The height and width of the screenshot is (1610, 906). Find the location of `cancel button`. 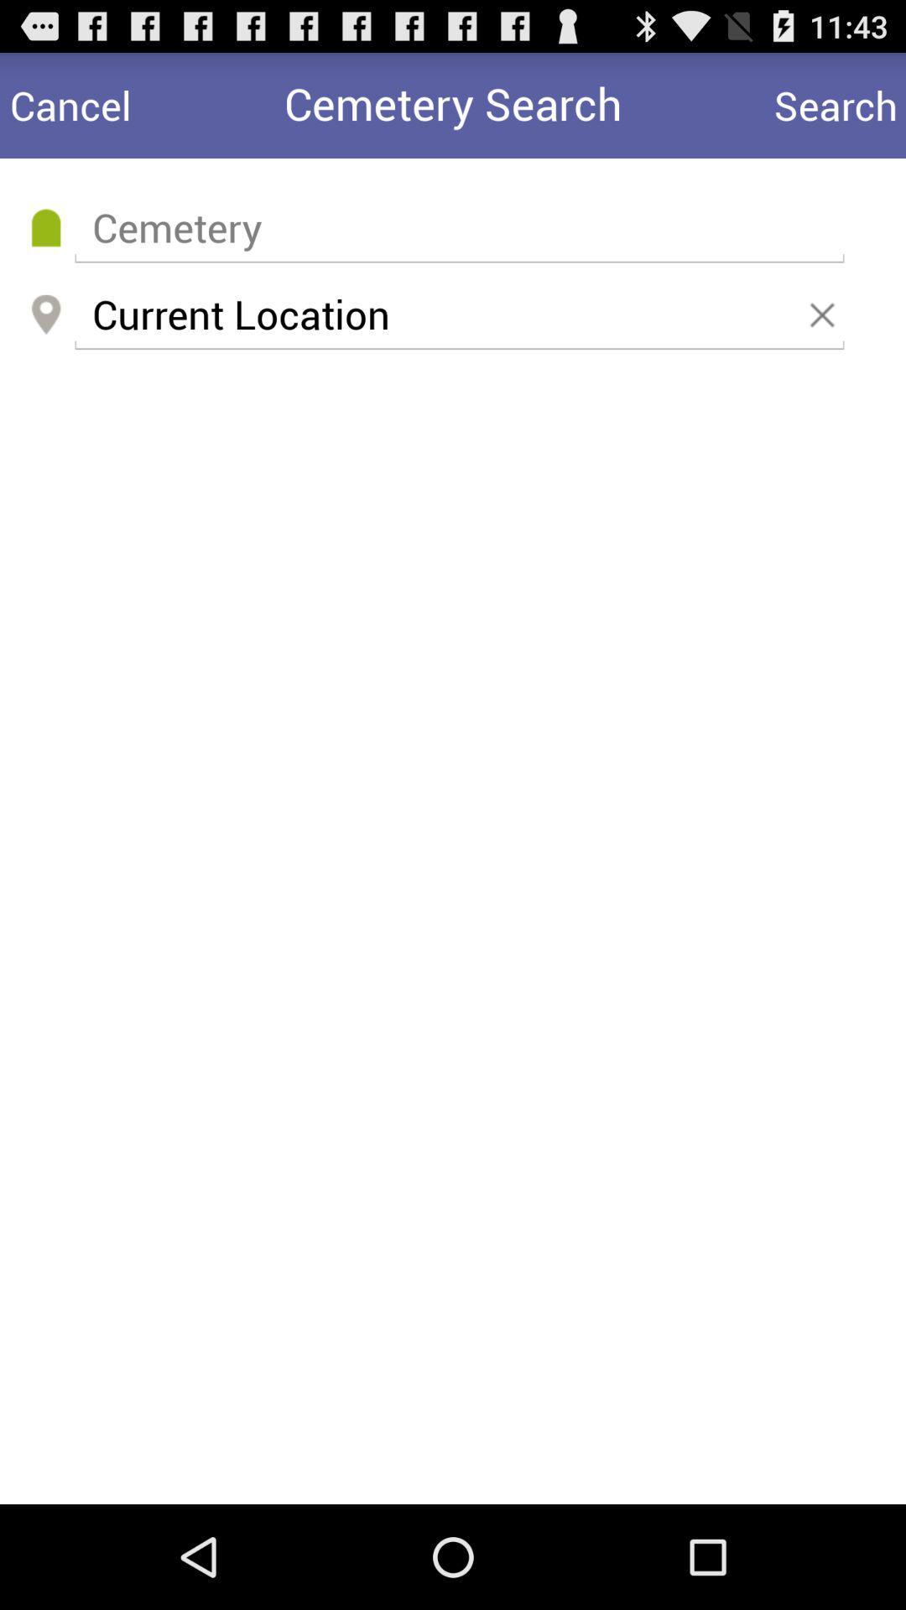

cancel button is located at coordinates (70, 104).